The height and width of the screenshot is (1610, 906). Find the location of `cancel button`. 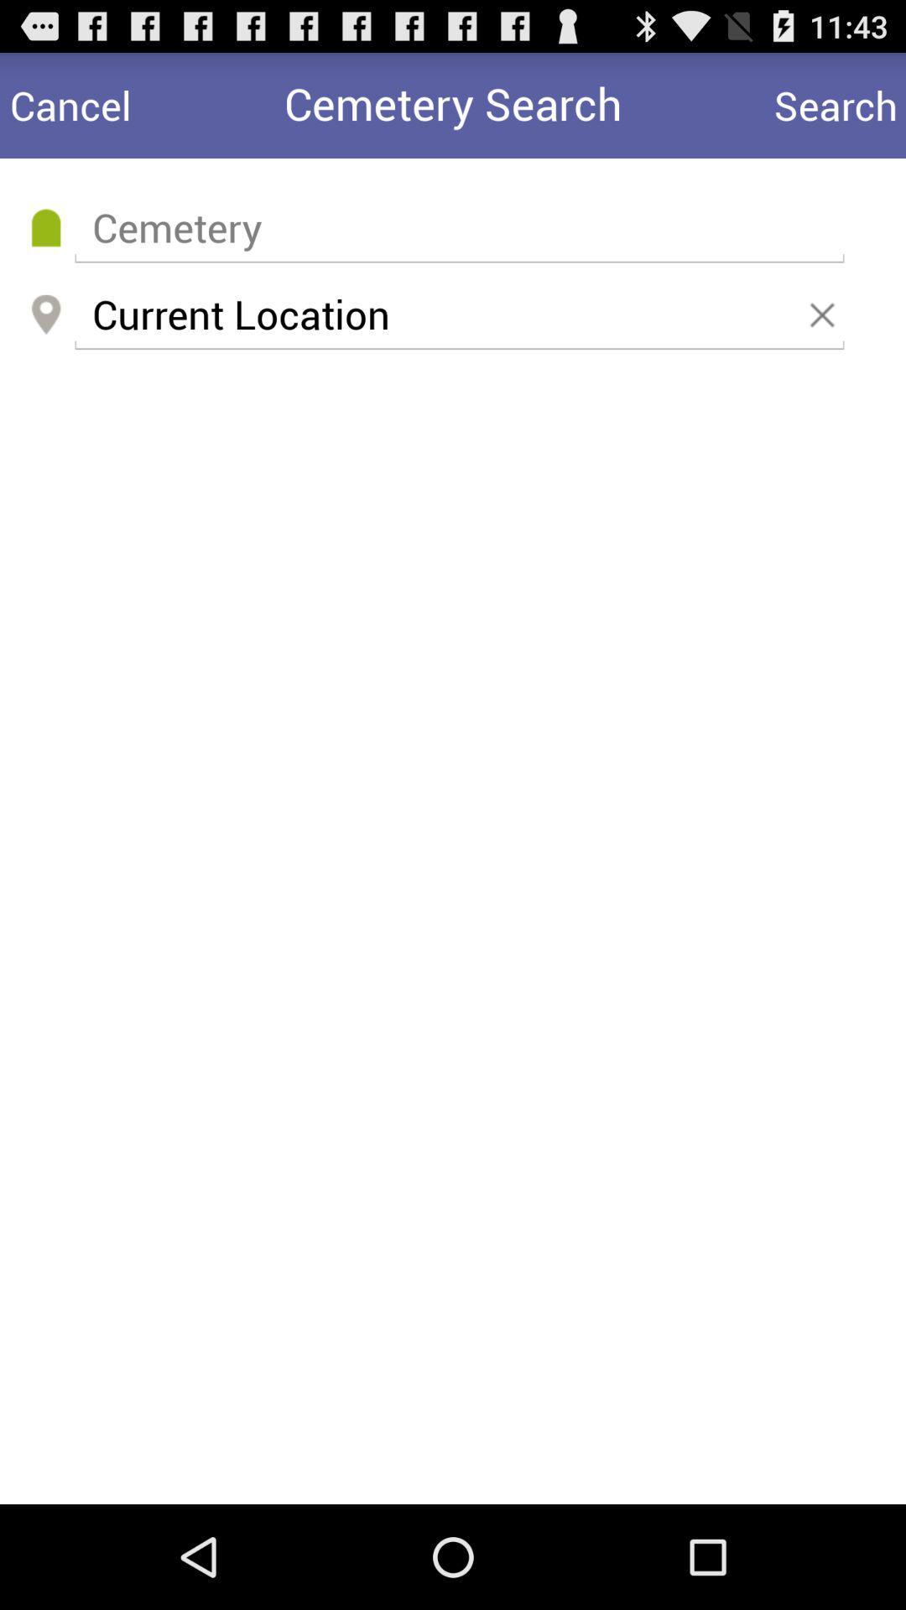

cancel button is located at coordinates (70, 104).